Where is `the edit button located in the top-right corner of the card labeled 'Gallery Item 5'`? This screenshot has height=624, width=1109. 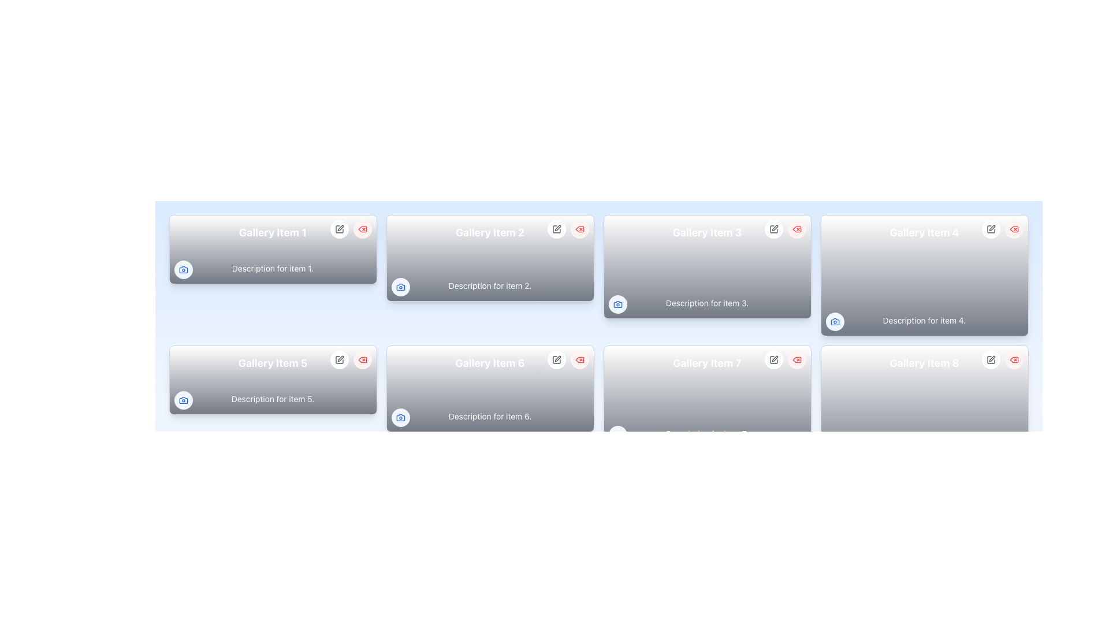
the edit button located in the top-right corner of the card labeled 'Gallery Item 5' is located at coordinates (338, 359).